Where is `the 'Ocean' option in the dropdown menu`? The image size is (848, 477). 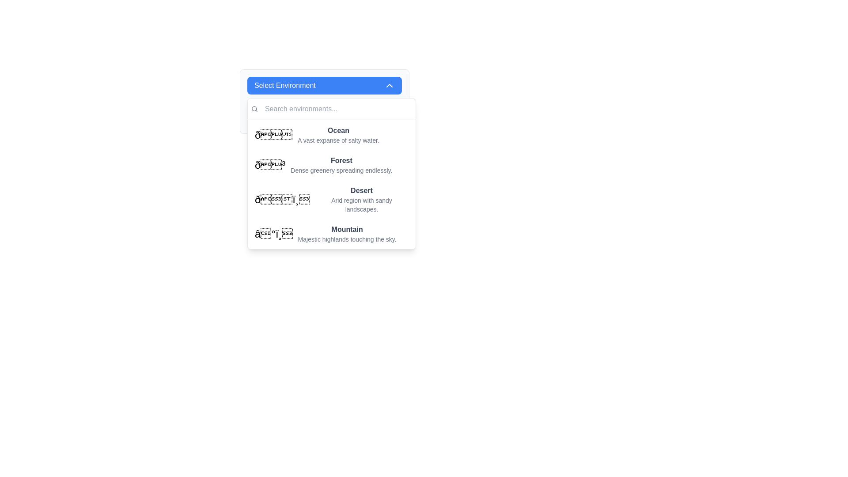 the 'Ocean' option in the dropdown menu is located at coordinates (338, 135).